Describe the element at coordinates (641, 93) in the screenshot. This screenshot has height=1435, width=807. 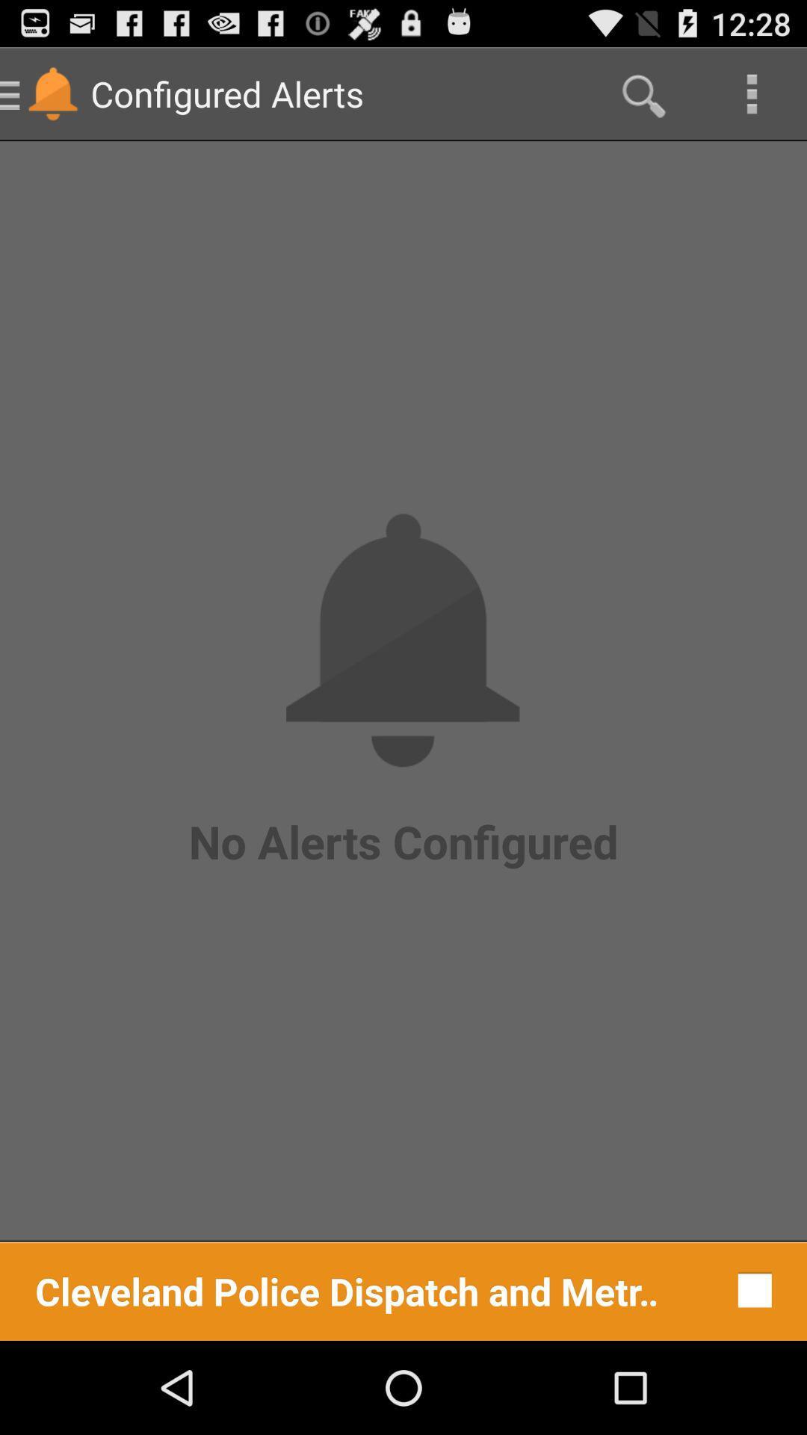
I see `item above no alerts configured icon` at that location.